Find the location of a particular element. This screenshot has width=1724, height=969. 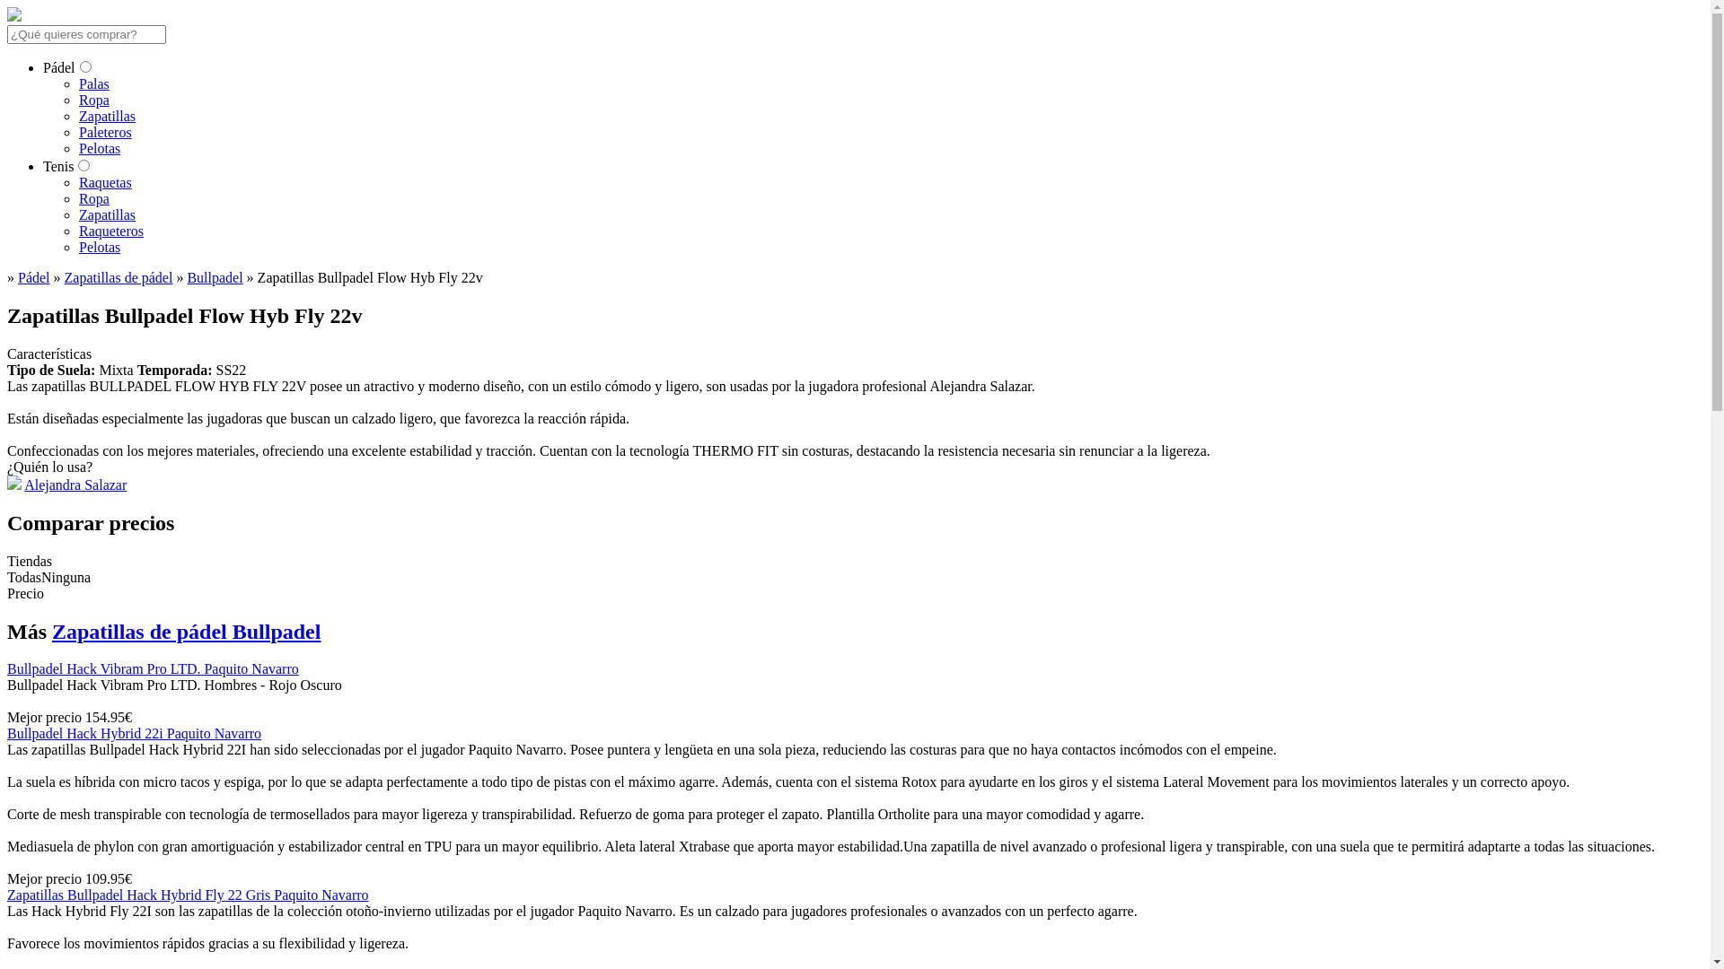

'Todas' is located at coordinates (24, 577).